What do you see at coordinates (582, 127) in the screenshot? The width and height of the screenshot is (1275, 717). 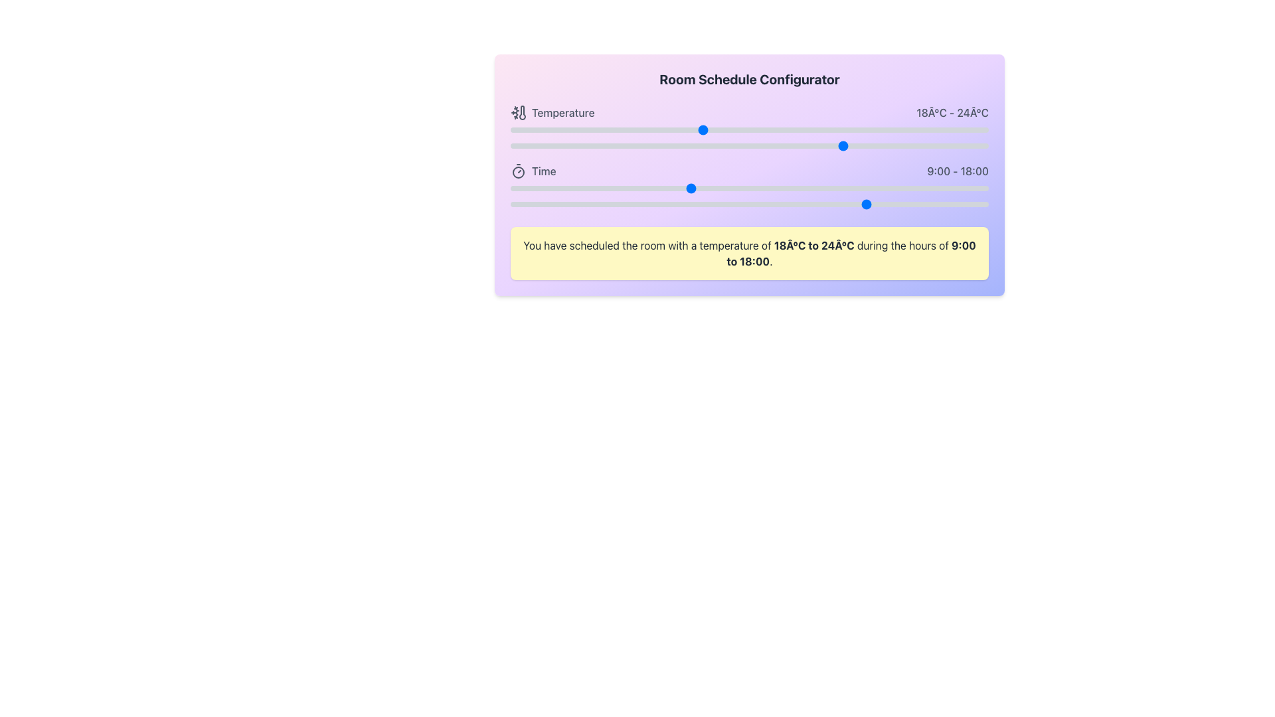 I see `the slider` at bounding box center [582, 127].